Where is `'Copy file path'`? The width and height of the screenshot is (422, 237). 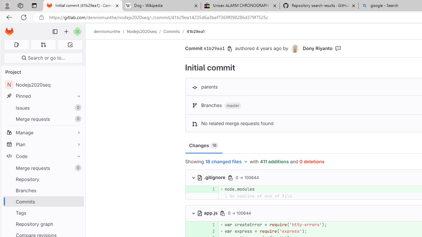
'Copy file path' is located at coordinates (223, 213).